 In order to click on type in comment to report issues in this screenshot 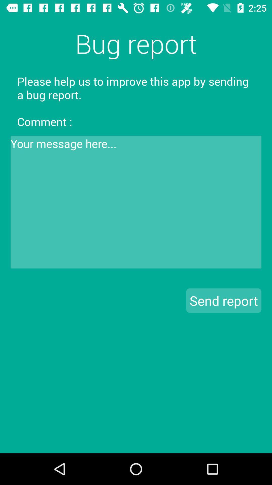, I will do `click(136, 202)`.